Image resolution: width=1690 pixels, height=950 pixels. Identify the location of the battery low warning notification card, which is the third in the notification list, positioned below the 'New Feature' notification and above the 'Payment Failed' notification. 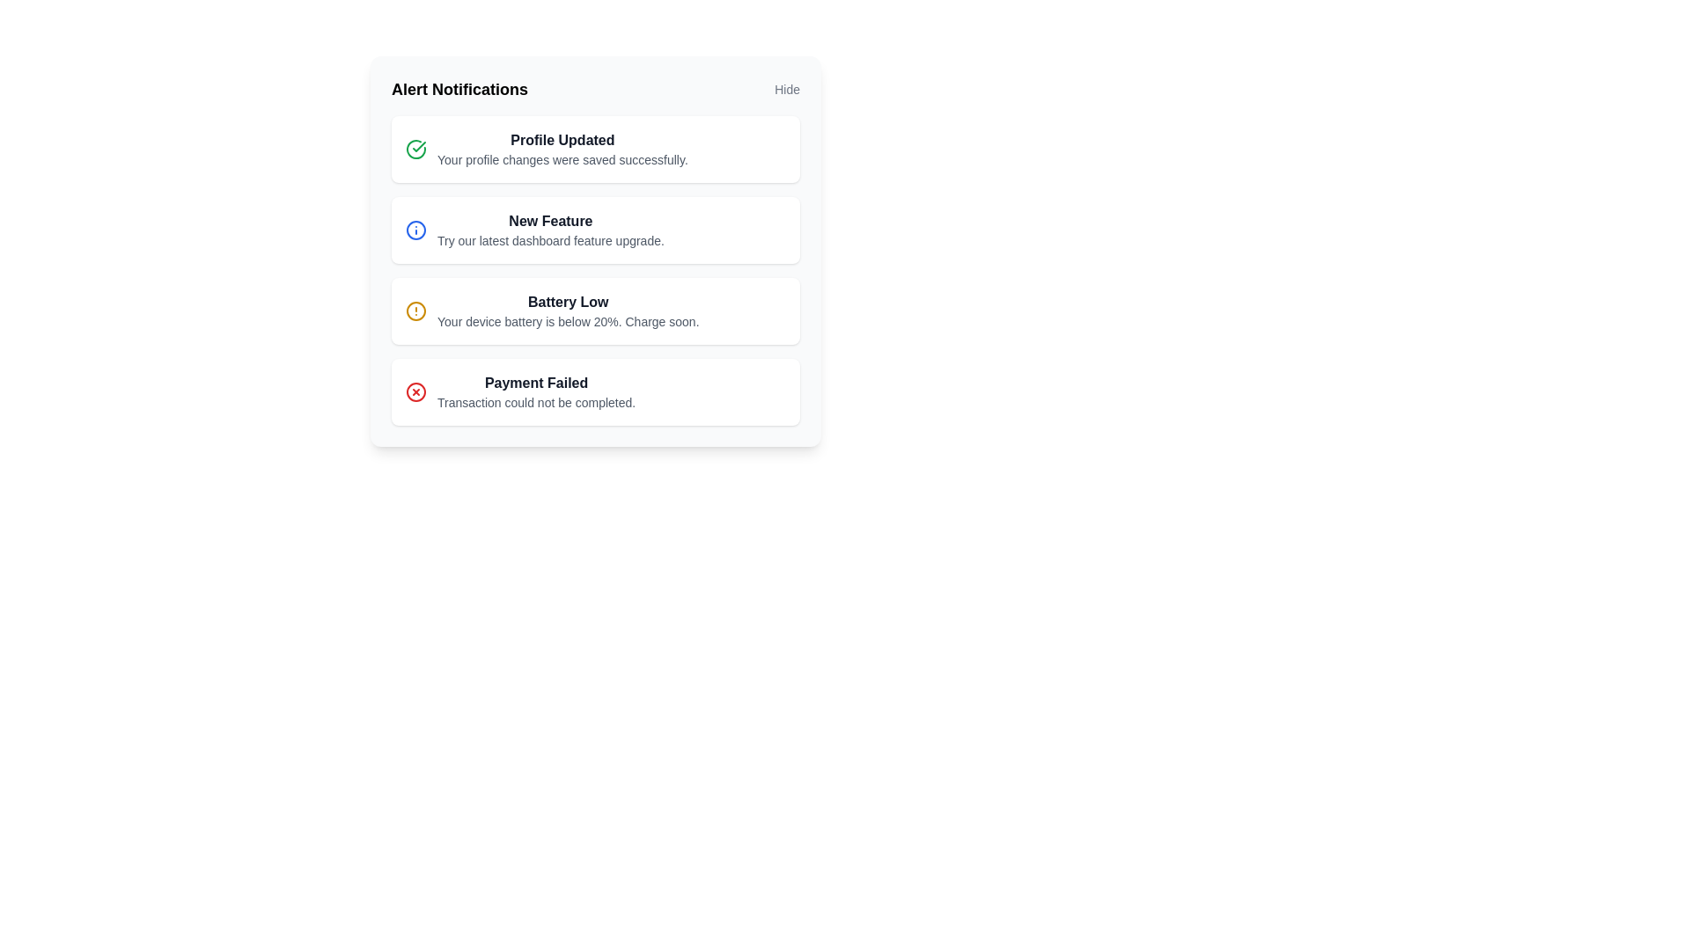
(595, 311).